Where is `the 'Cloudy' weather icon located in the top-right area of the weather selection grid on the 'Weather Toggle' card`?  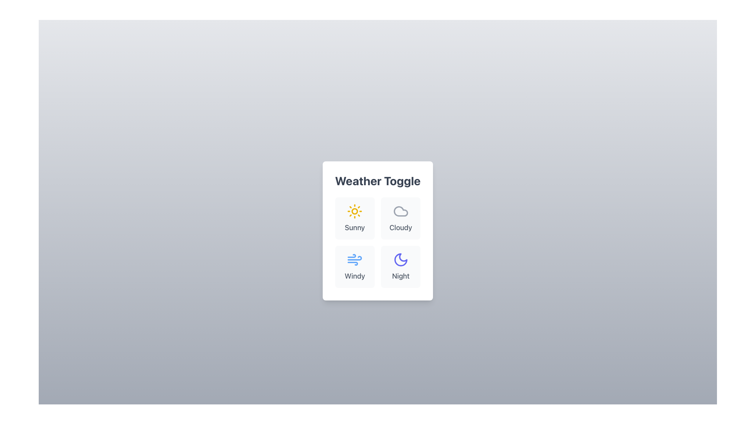
the 'Cloudy' weather icon located in the top-right area of the weather selection grid on the 'Weather Toggle' card is located at coordinates (401, 211).